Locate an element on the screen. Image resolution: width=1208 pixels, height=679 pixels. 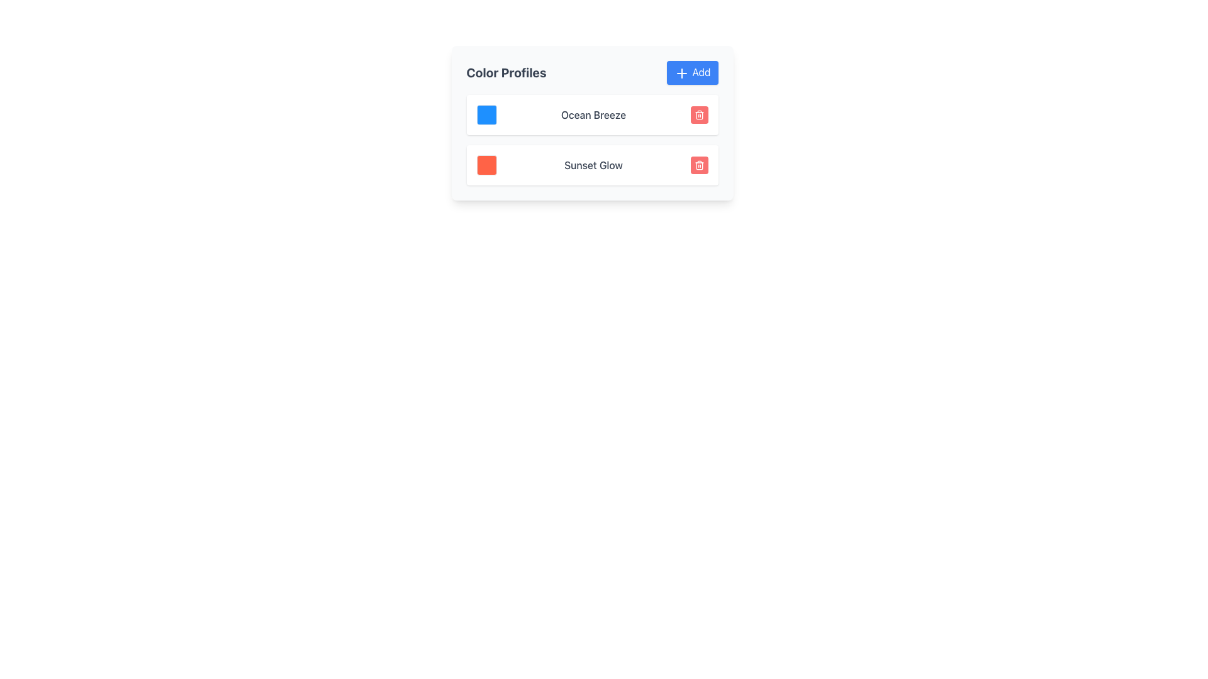
the label displaying the name of the associated color profile in the second row of the 'Color Profiles' list, positioned between an orange square block and a red delete button is located at coordinates (593, 164).